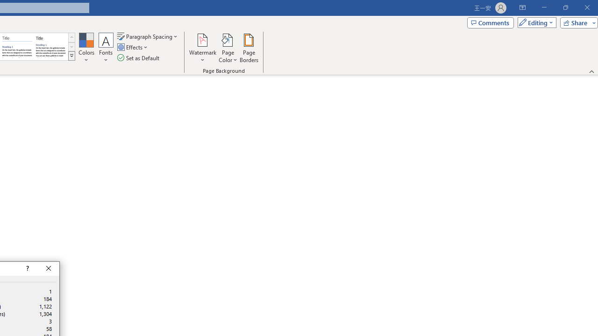 This screenshot has width=598, height=336. I want to click on 'Set as Default', so click(139, 58).